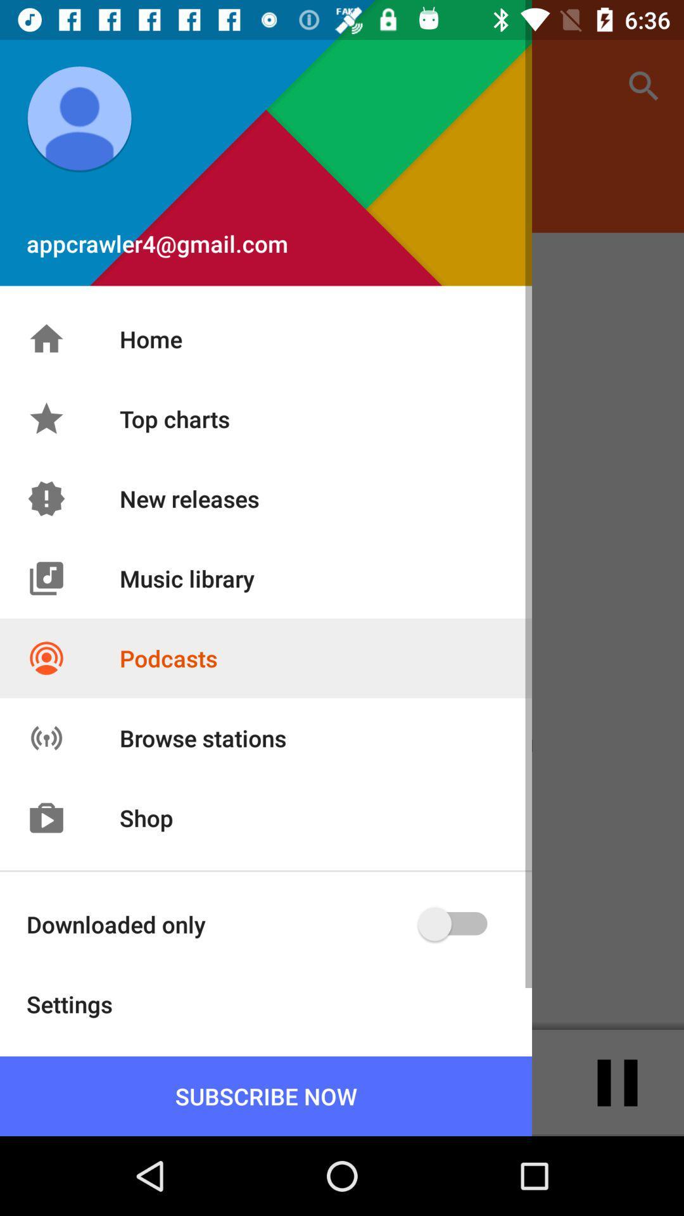 This screenshot has height=1216, width=684. What do you see at coordinates (617, 1082) in the screenshot?
I see `the pause icon` at bounding box center [617, 1082].